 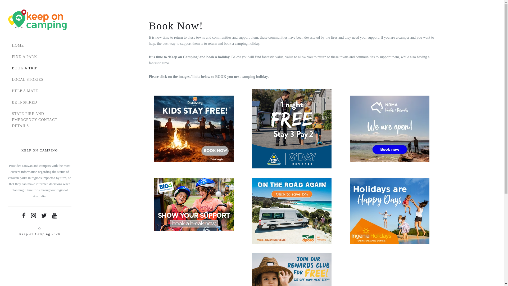 What do you see at coordinates (389, 210) in the screenshot?
I see `'IH_RemarketingAd_HappyDays_300x250'` at bounding box center [389, 210].